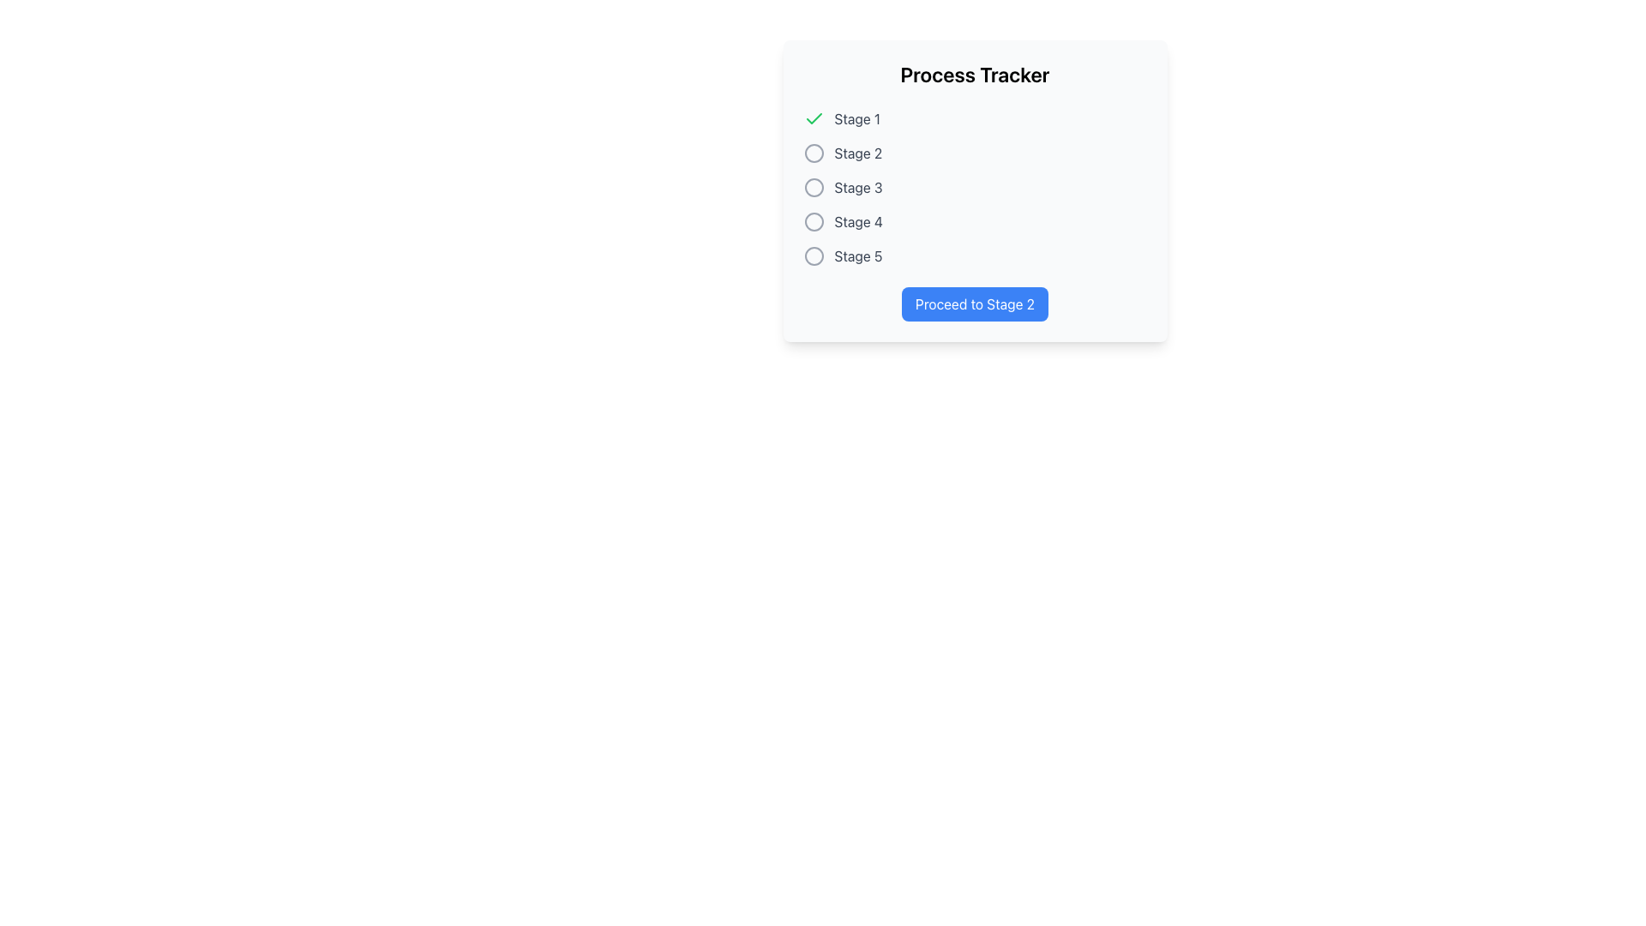  What do you see at coordinates (813, 220) in the screenshot?
I see `the circular icon representing the fourth stage in the process tracker` at bounding box center [813, 220].